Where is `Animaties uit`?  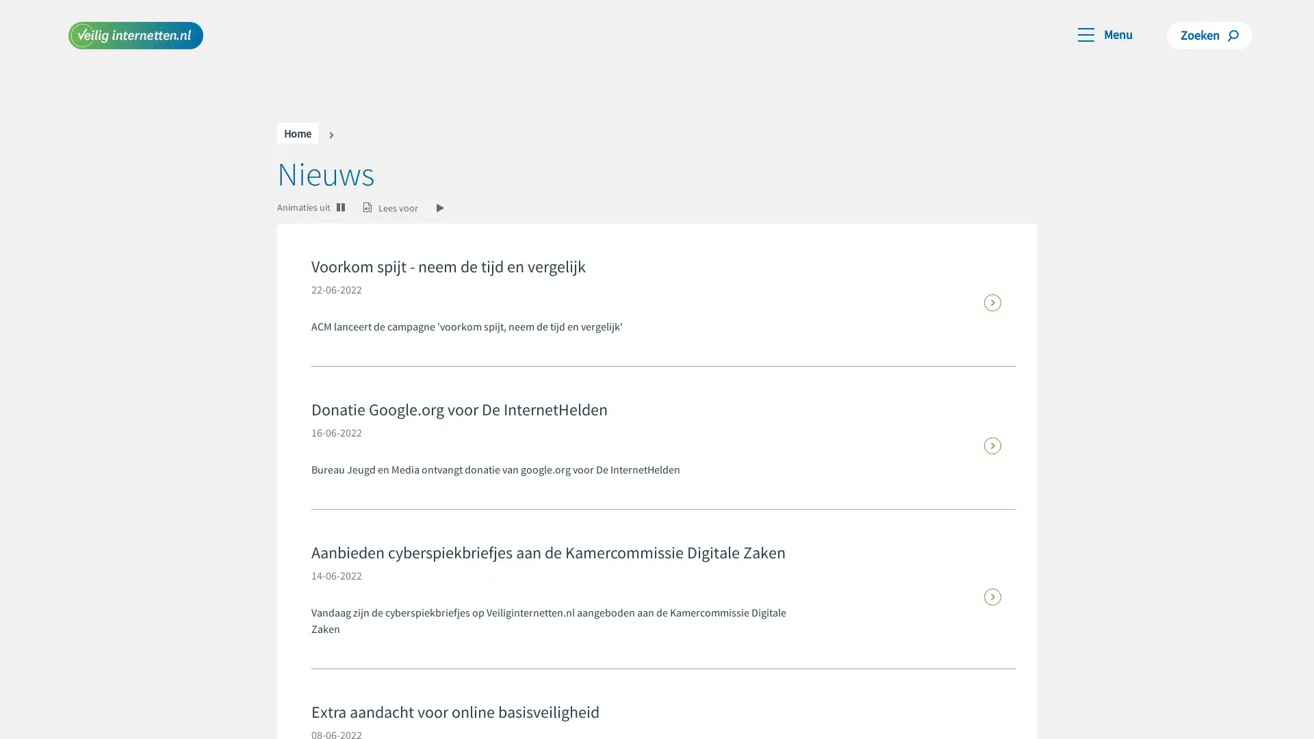 Animaties uit is located at coordinates (303, 207).